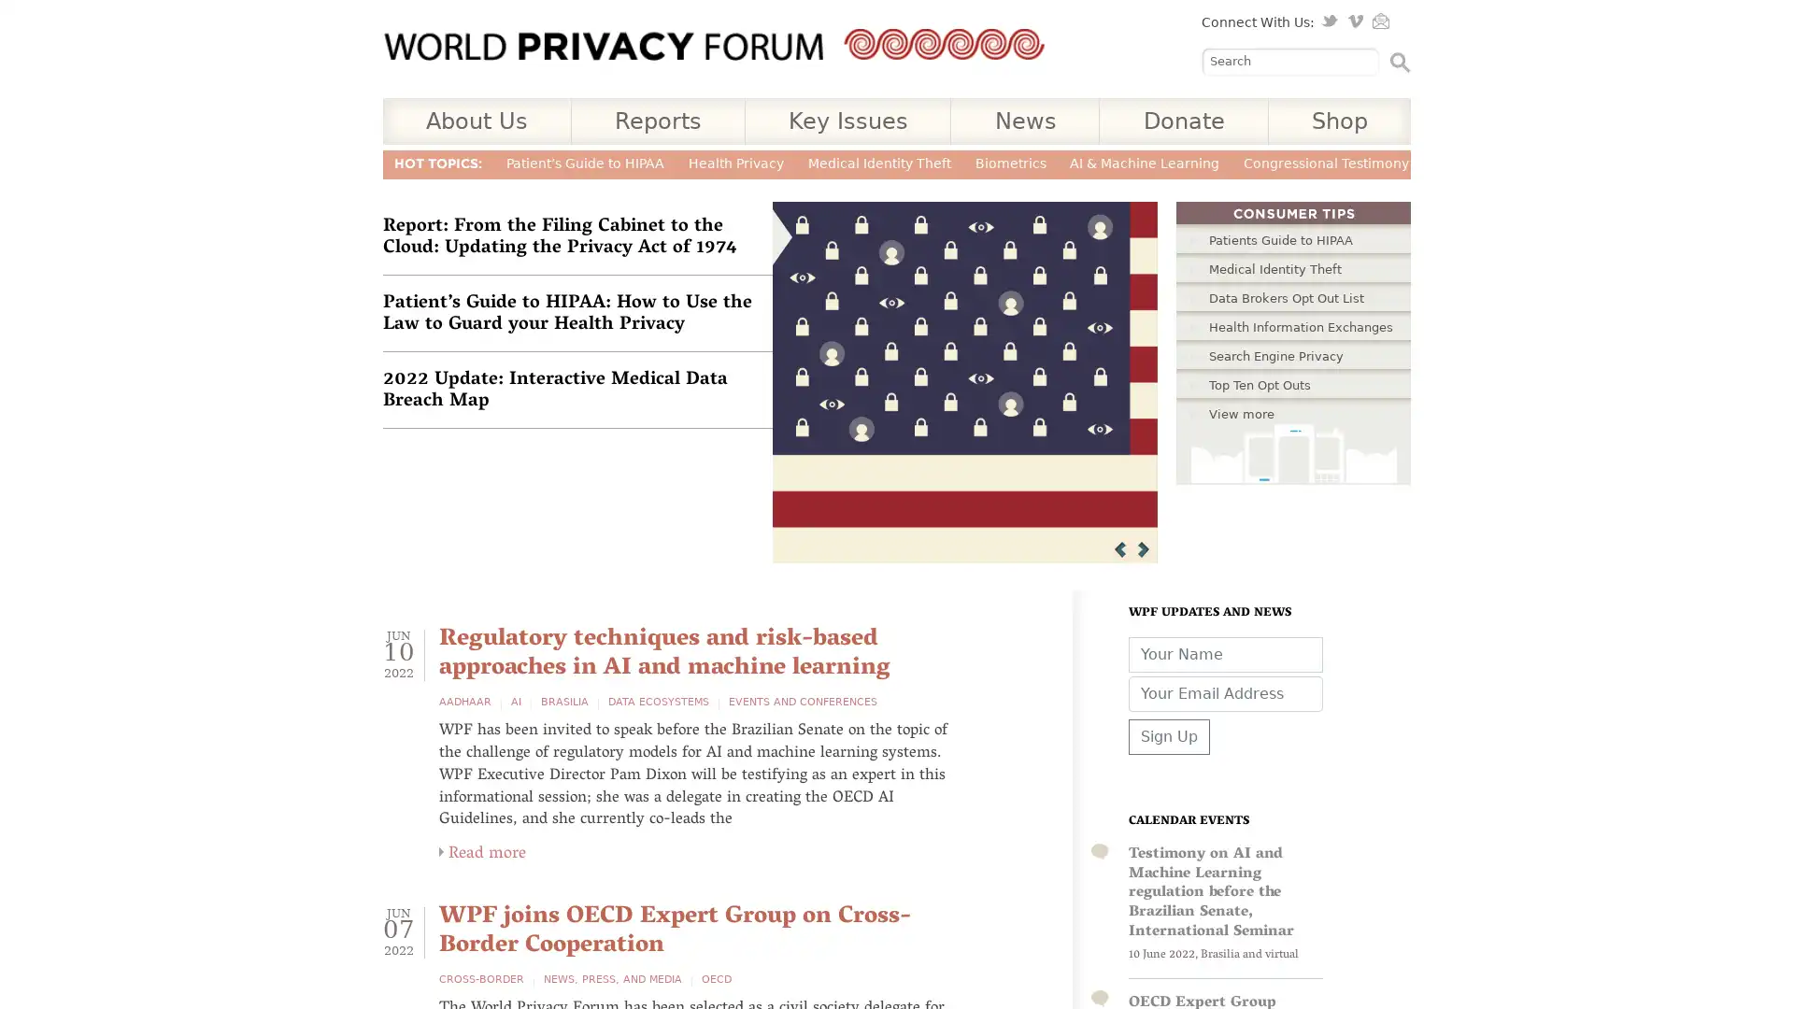  What do you see at coordinates (1400, 60) in the screenshot?
I see `Search` at bounding box center [1400, 60].